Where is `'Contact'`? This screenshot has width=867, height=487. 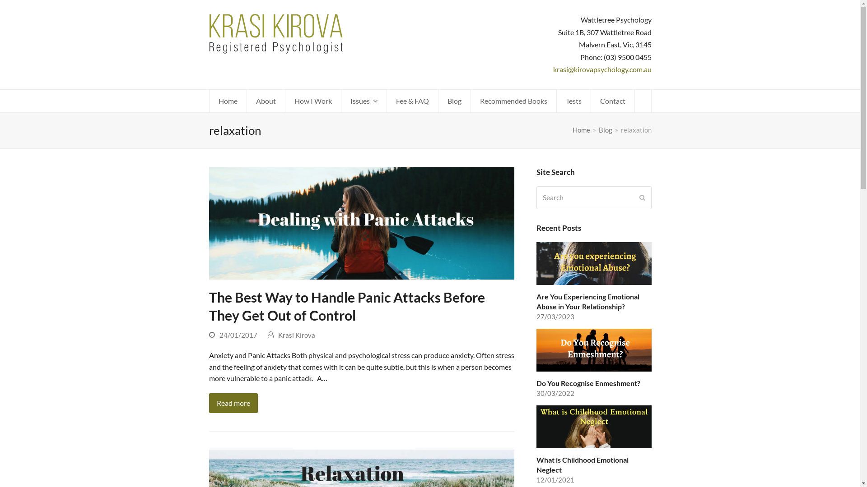
'Contact' is located at coordinates (591, 101).